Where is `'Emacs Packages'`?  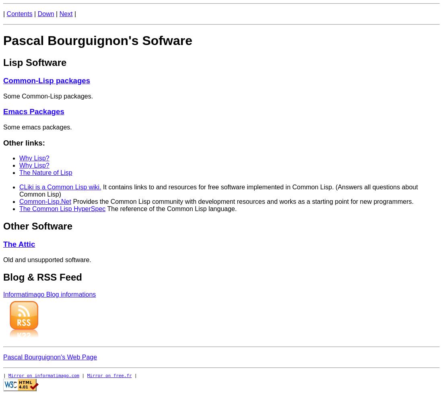 'Emacs Packages' is located at coordinates (33, 111).